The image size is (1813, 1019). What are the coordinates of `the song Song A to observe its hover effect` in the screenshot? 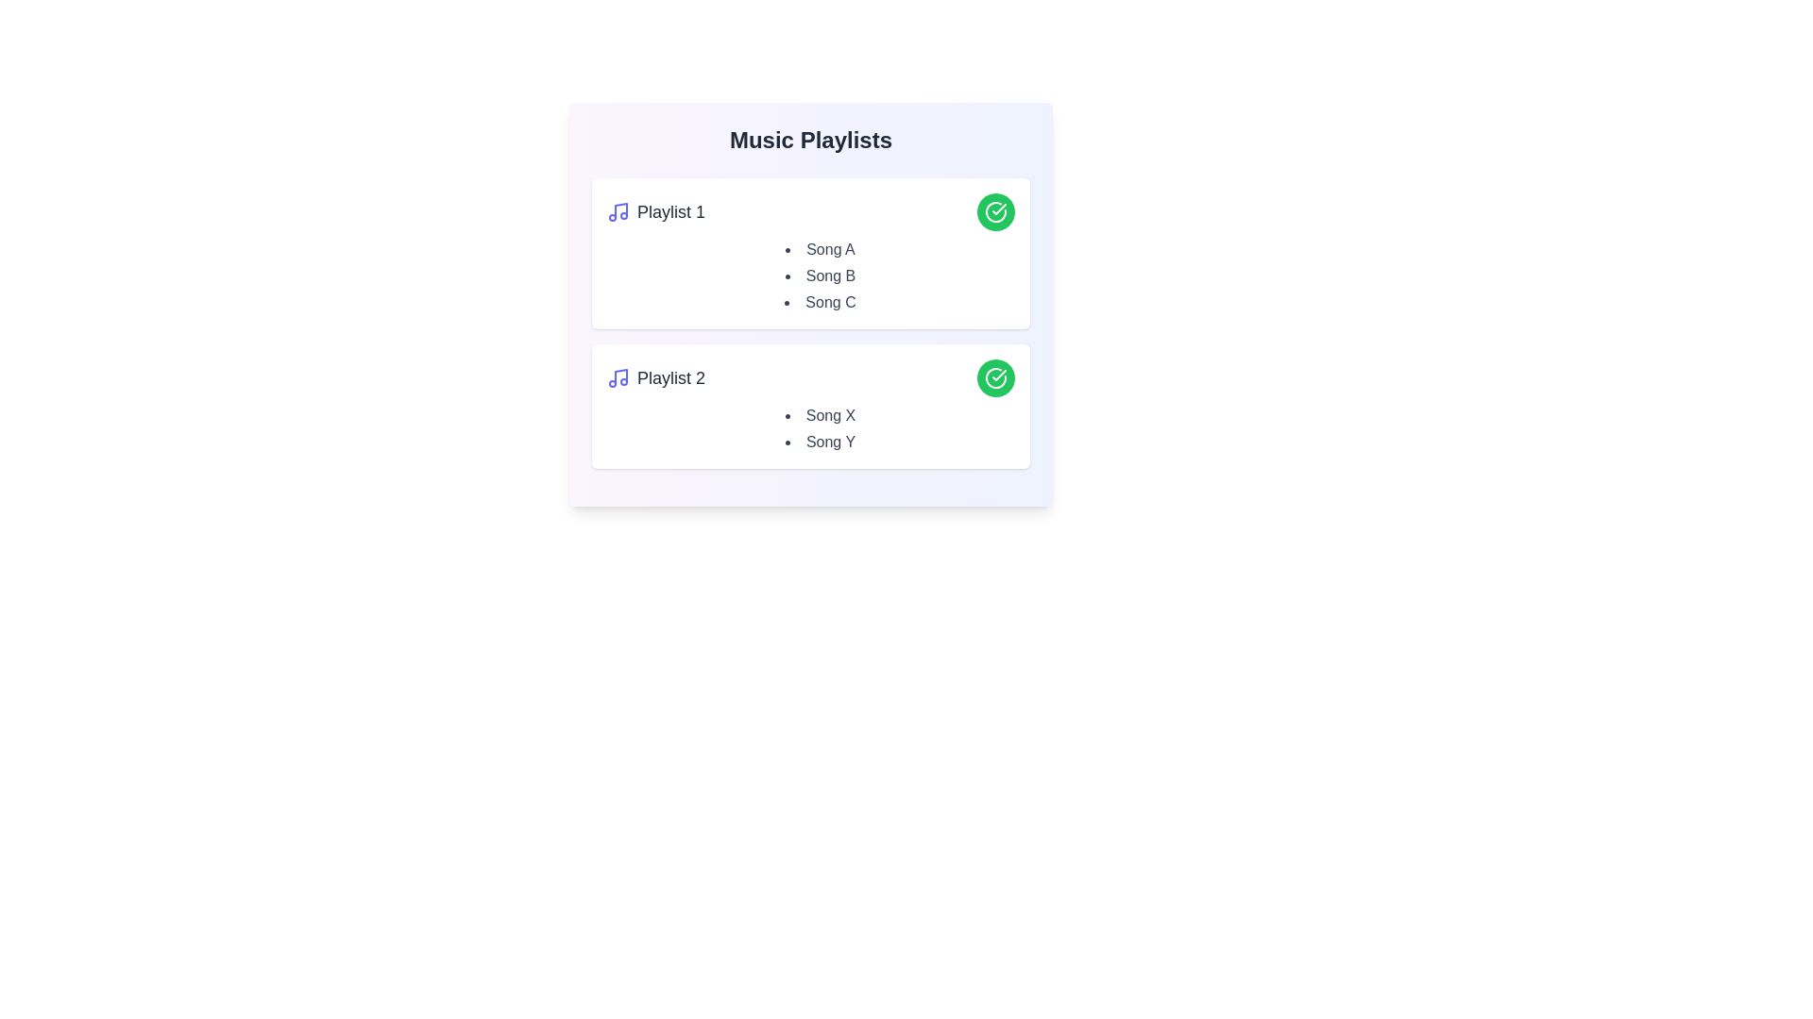 It's located at (820, 249).